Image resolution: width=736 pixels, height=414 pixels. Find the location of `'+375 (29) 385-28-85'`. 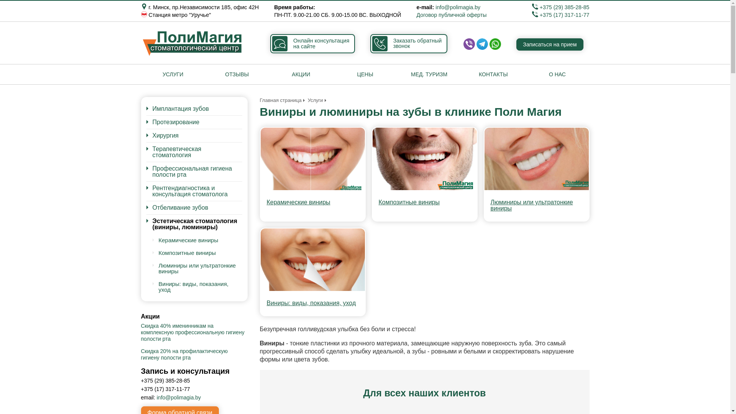

'+375 (29) 385-28-85' is located at coordinates (561, 7).